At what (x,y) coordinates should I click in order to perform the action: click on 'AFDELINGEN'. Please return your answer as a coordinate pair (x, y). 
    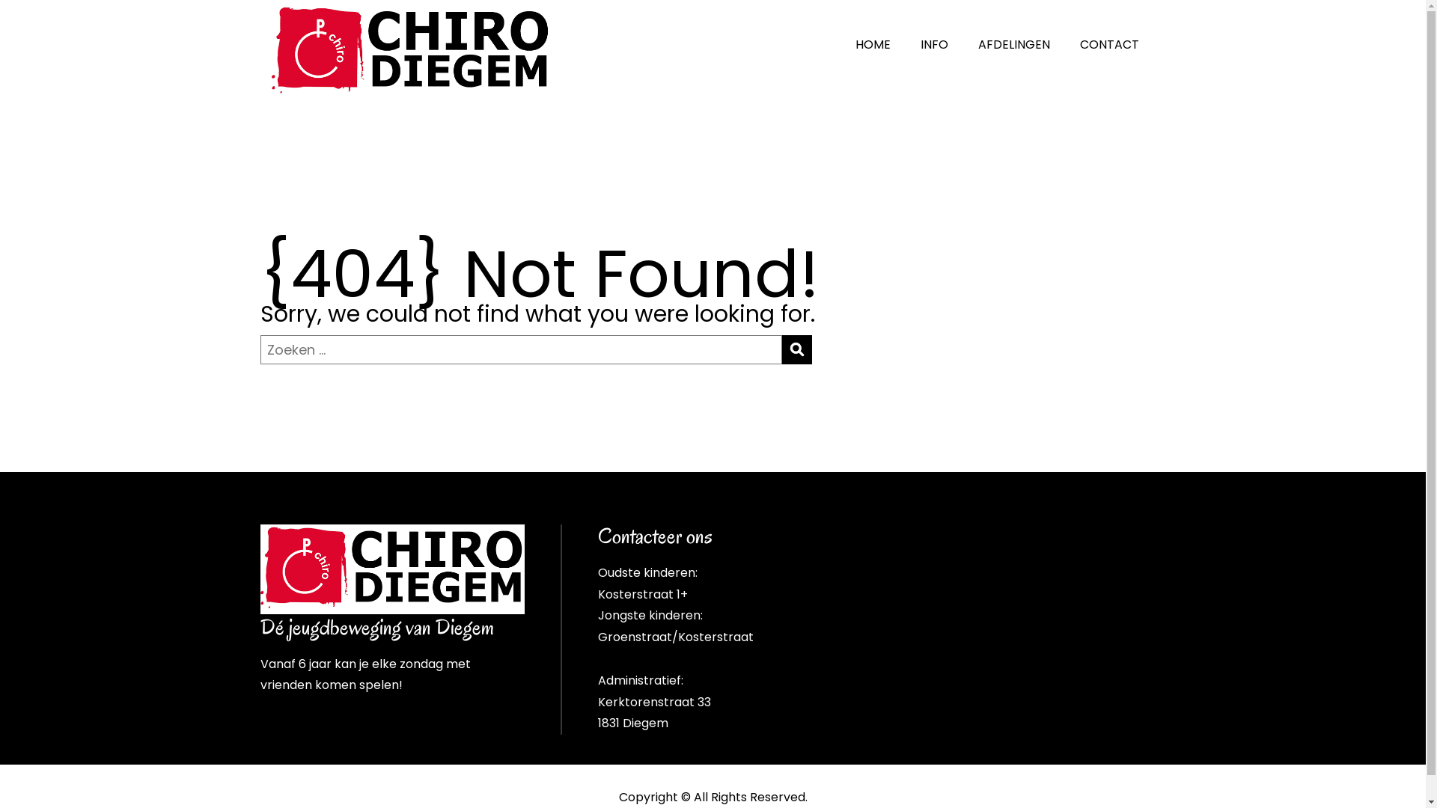
    Looking at the image, I should click on (1013, 44).